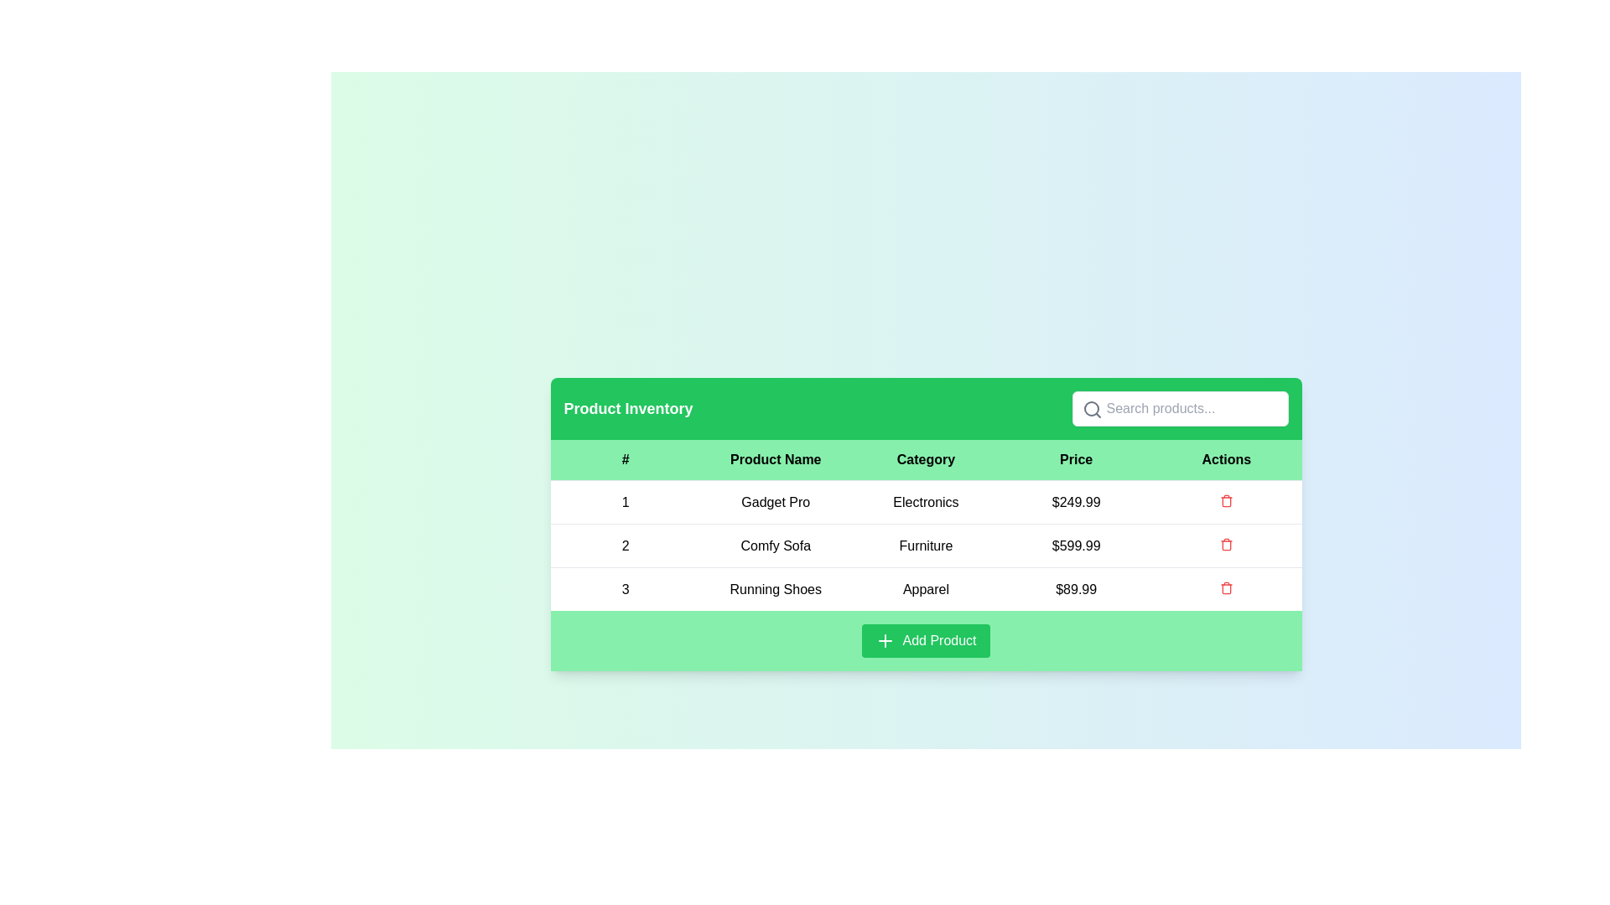 The image size is (1610, 905). What do you see at coordinates (1076, 501) in the screenshot?
I see `the static text label displaying '$249.99' in bold black text, located in the 'Price' column of the fourth cell in the table` at bounding box center [1076, 501].